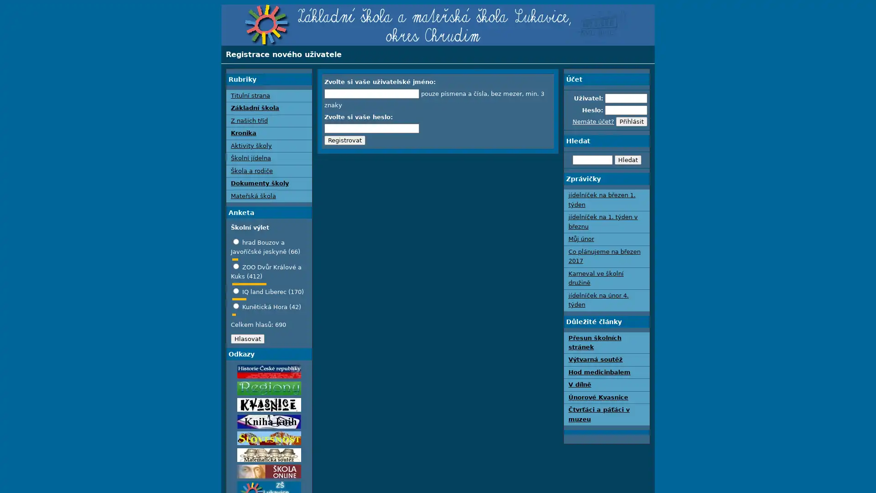  I want to click on Registrovat, so click(344, 140).